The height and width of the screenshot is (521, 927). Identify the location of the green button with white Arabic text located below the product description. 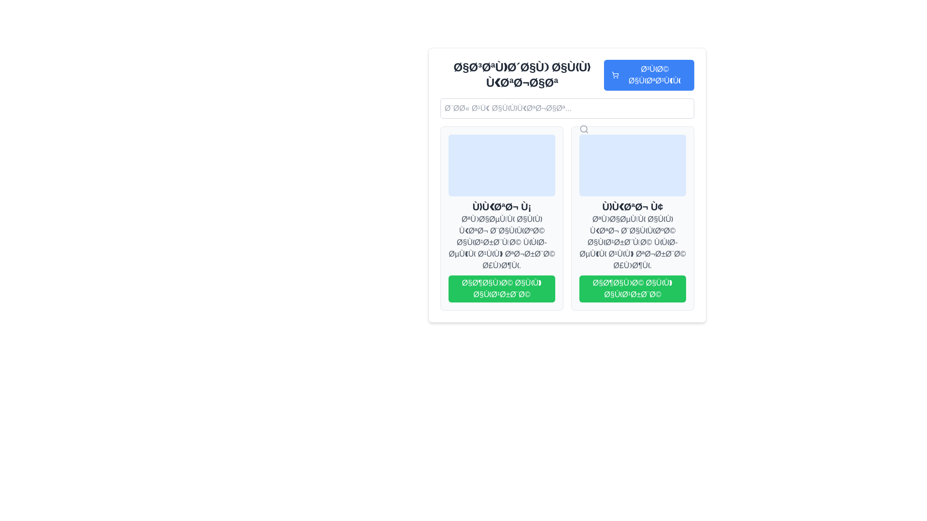
(502, 288).